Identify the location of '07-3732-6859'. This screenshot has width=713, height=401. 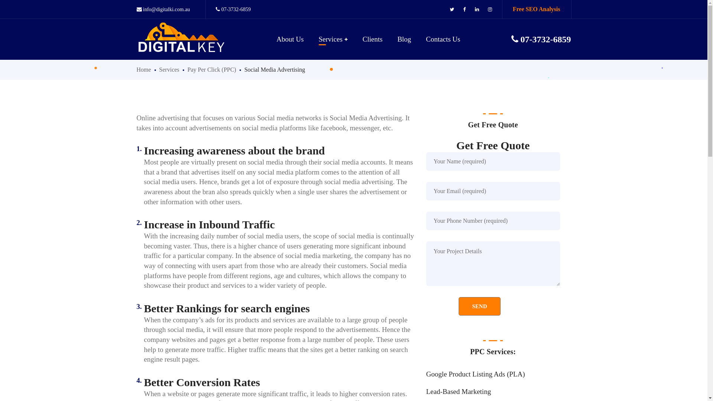
(233, 9).